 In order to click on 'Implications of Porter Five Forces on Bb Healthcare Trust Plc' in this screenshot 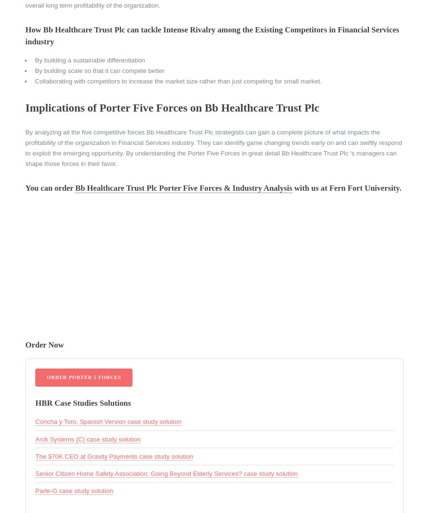, I will do `click(172, 107)`.